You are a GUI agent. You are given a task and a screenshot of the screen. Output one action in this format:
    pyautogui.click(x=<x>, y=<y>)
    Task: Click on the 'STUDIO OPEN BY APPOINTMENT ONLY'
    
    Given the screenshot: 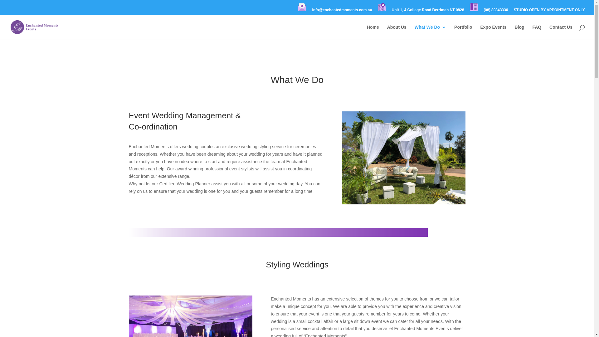 What is the action you would take?
    pyautogui.click(x=514, y=11)
    